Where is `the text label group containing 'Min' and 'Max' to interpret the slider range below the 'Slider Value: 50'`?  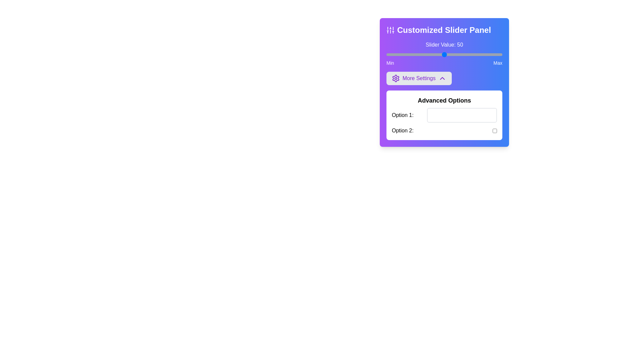
the text label group containing 'Min' and 'Max' to interpret the slider range below the 'Slider Value: 50' is located at coordinates (444, 63).